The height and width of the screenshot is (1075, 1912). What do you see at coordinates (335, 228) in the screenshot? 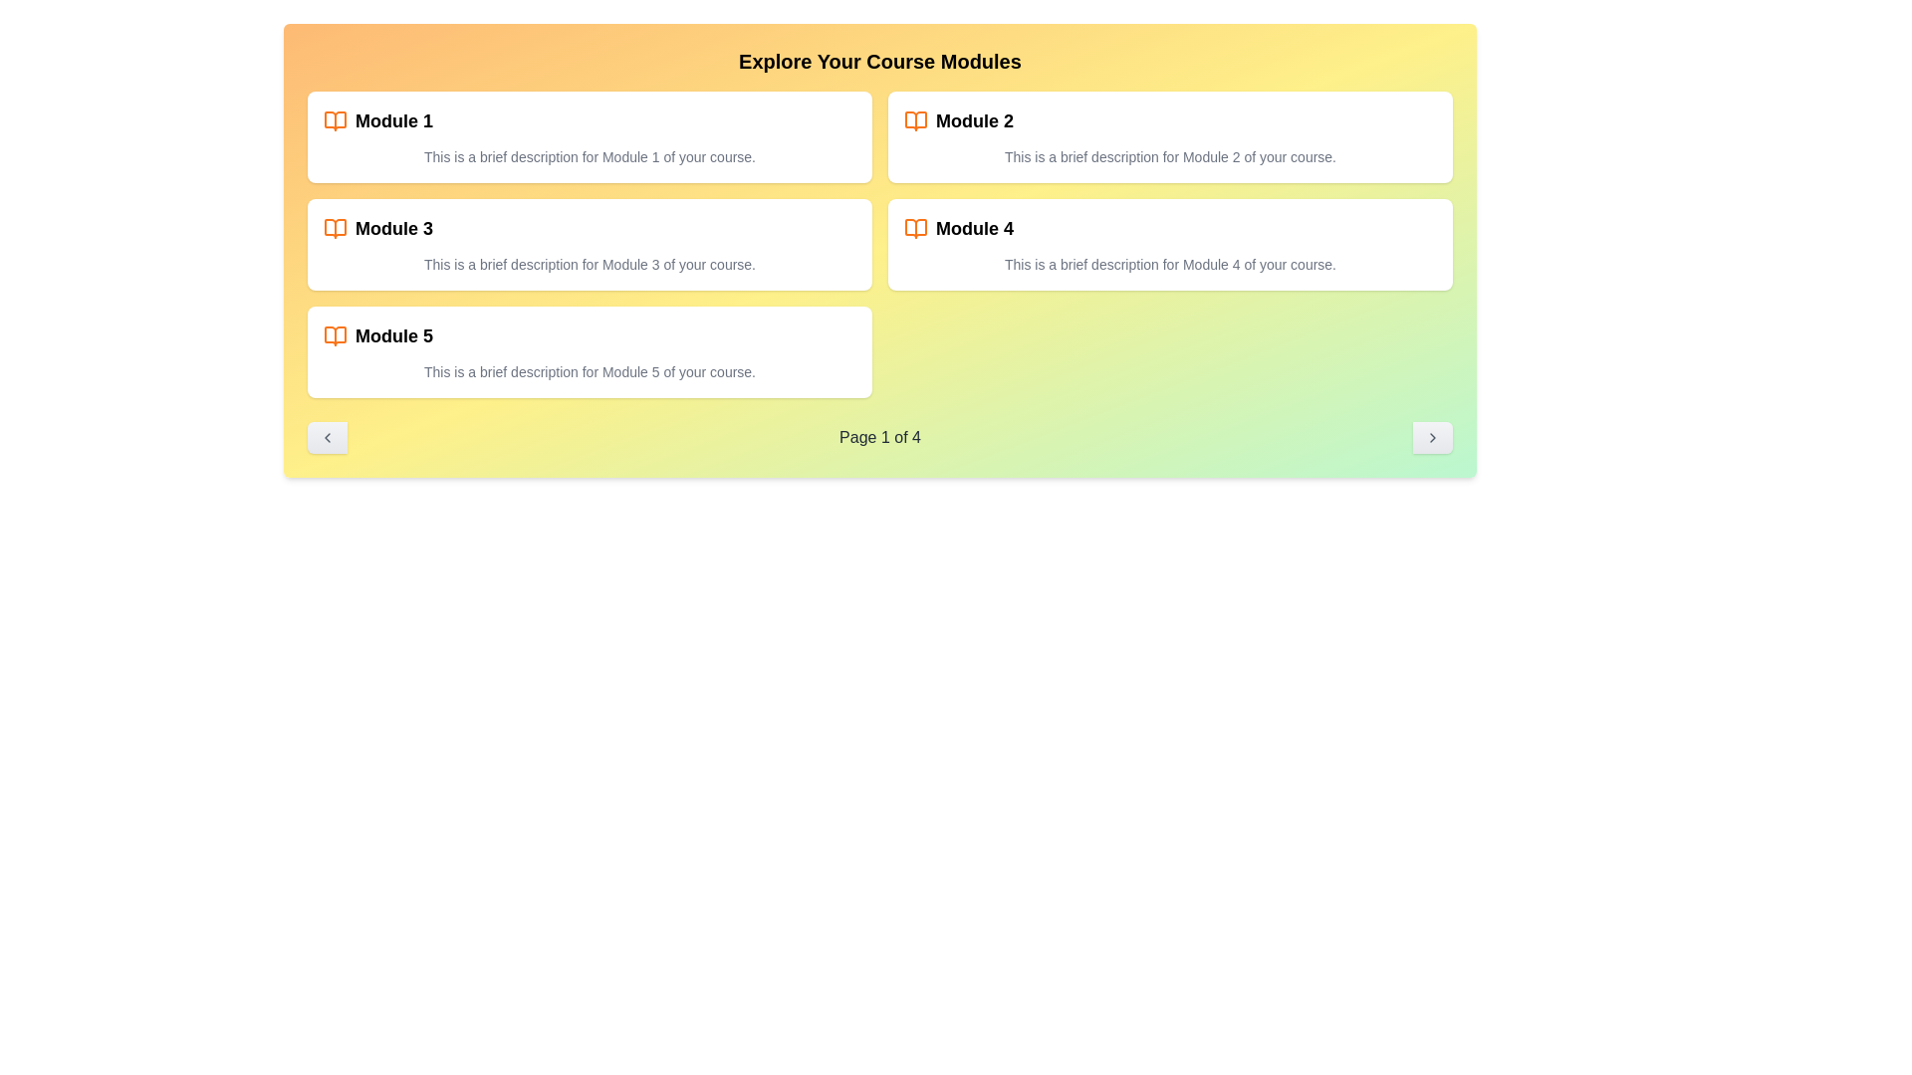
I see `the decorative icon representing 'Module 3', which is positioned to the left of the text in the second row of course modules` at bounding box center [335, 228].